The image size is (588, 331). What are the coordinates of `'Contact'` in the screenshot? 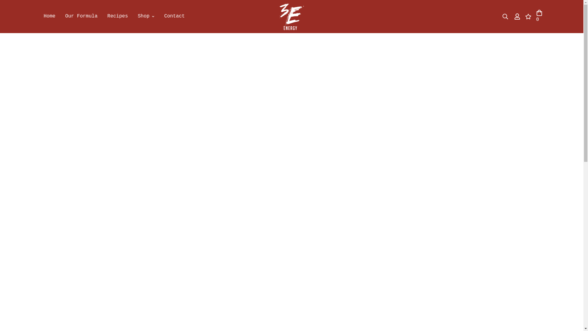 It's located at (159, 16).